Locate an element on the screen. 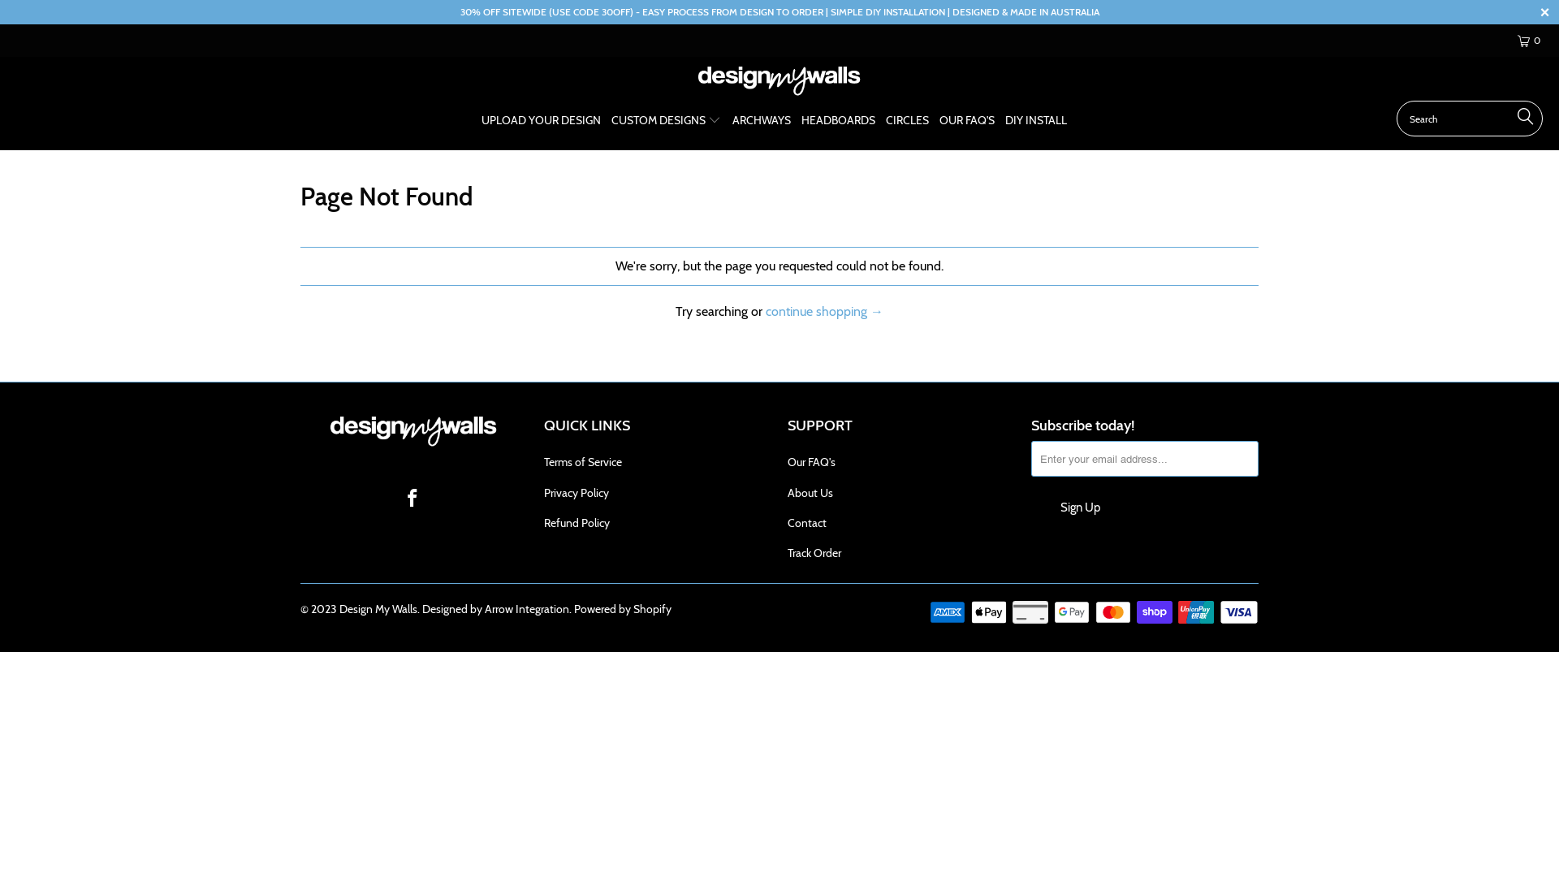  'CIRCLES' is located at coordinates (906, 120).